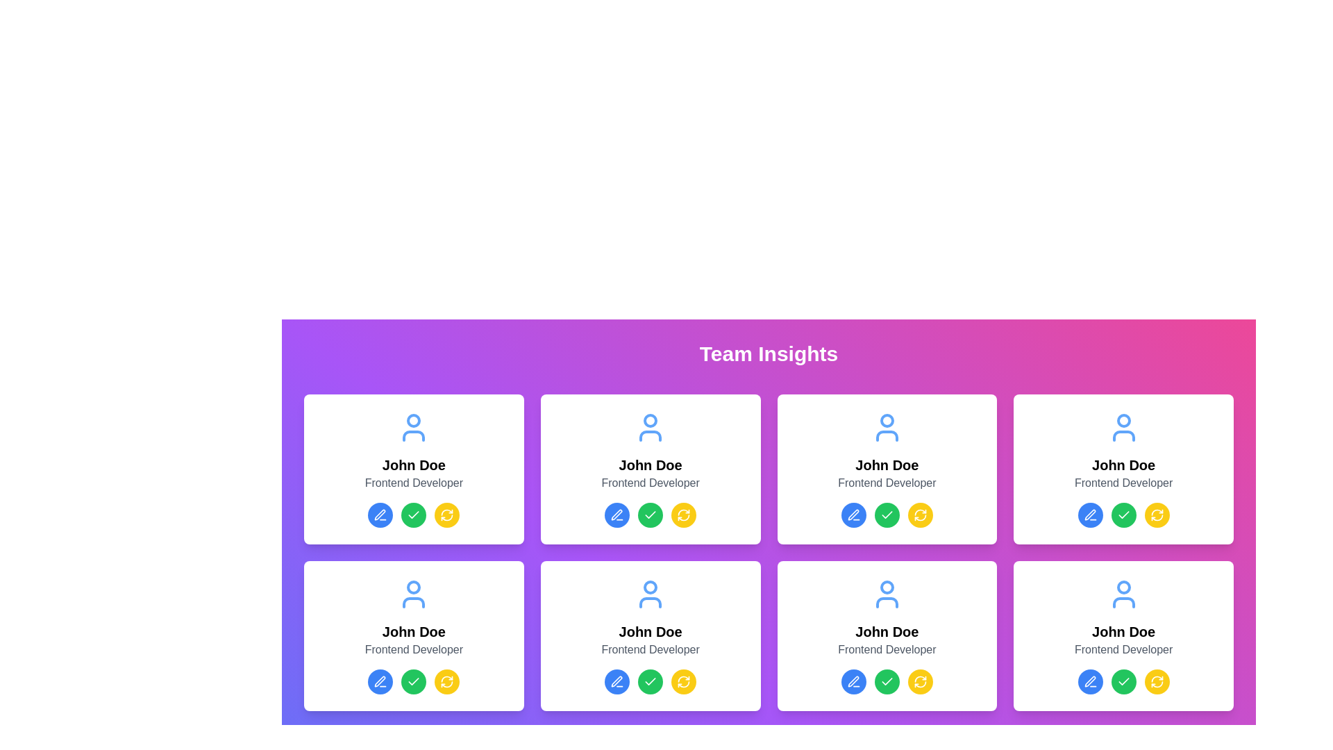 This screenshot has width=1333, height=750. Describe the element at coordinates (886, 587) in the screenshot. I see `the circular graphical component that represents the head of the user icon in the bottom-right card of the grid under the 'Team Insights' header` at that location.